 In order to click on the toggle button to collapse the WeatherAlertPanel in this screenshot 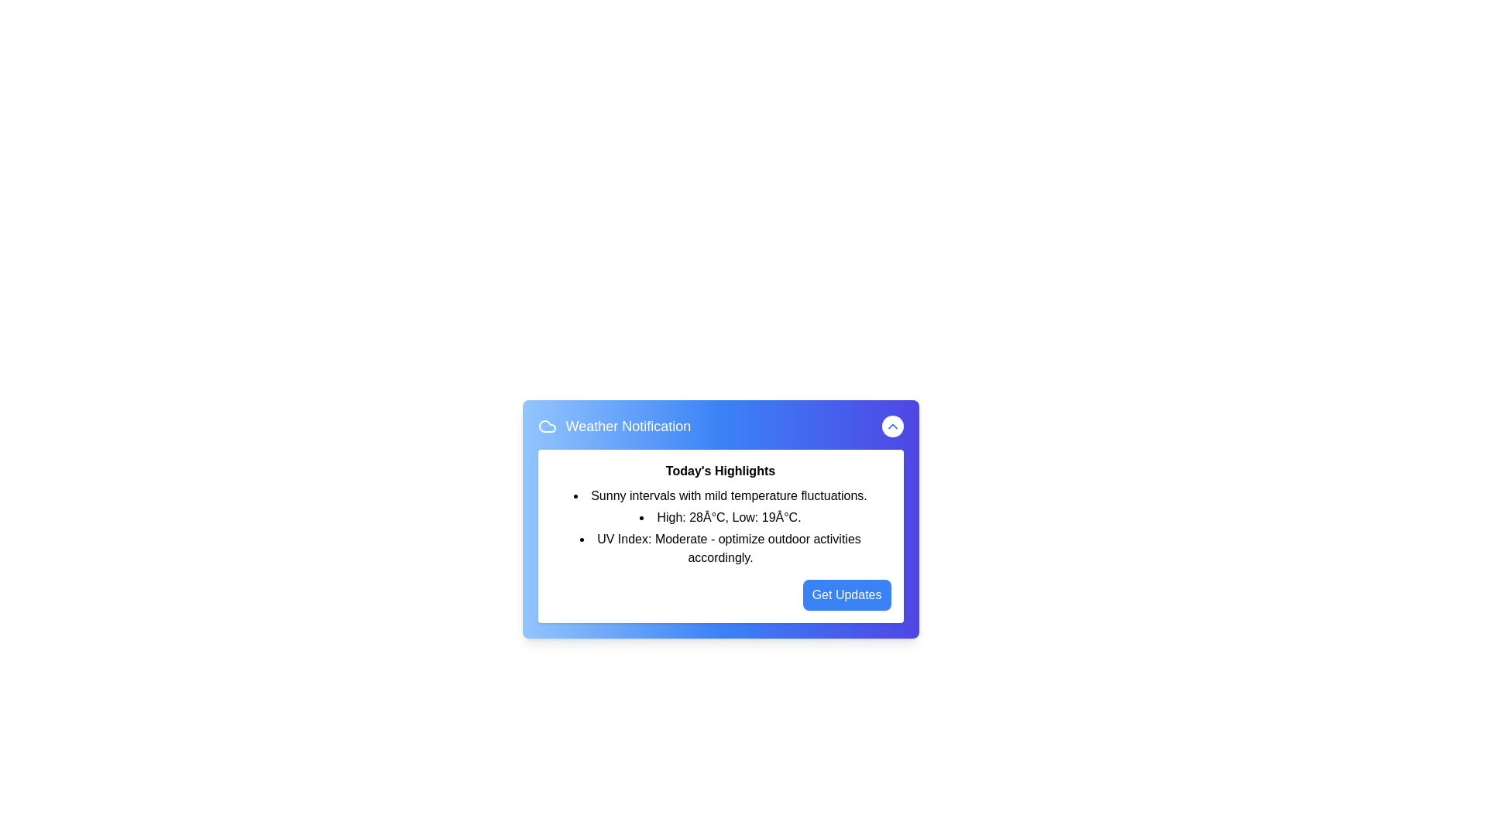, I will do `click(892, 427)`.